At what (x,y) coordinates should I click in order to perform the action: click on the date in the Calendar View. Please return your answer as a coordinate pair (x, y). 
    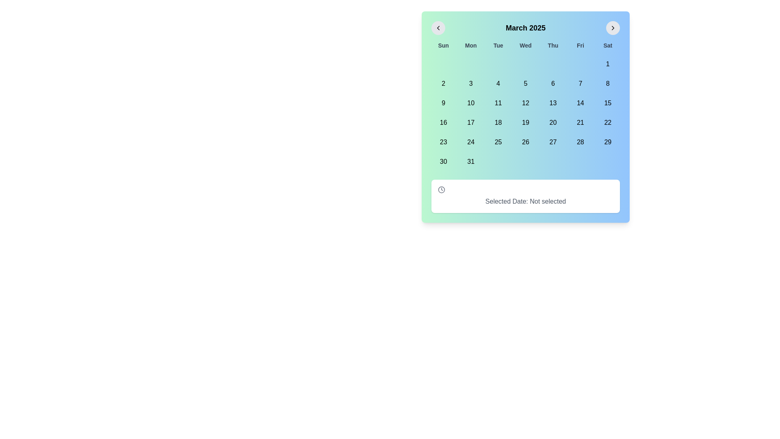
    Looking at the image, I should click on (526, 117).